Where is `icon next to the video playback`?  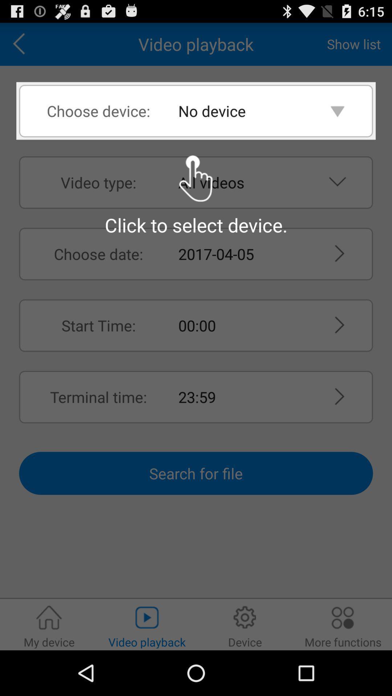 icon next to the video playback is located at coordinates (21, 44).